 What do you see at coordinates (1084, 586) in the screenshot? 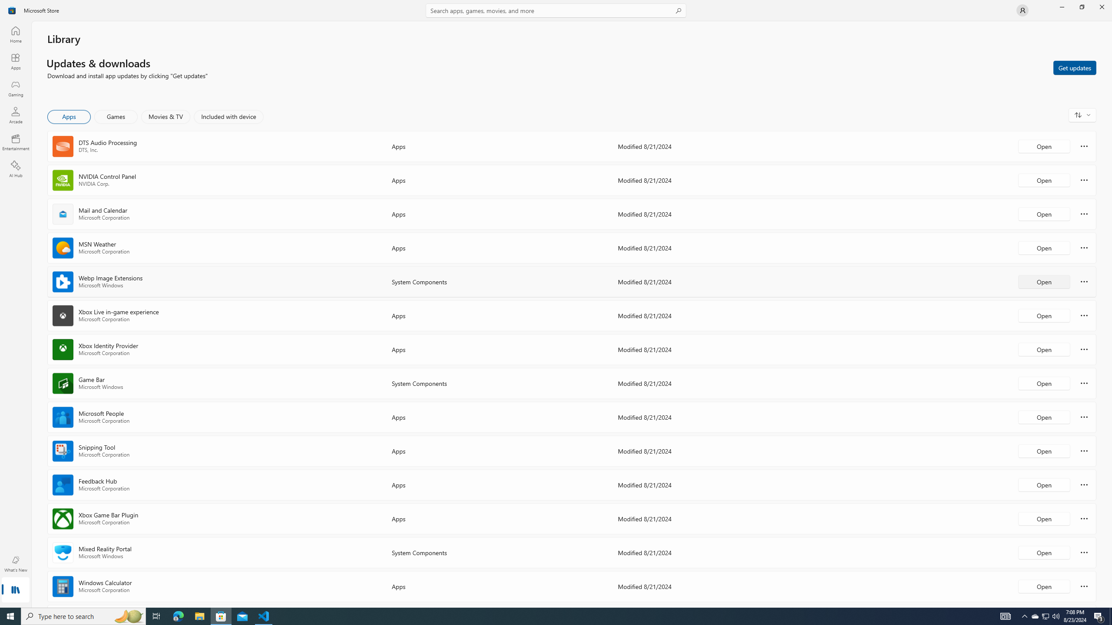
I see `'More options'` at bounding box center [1084, 586].